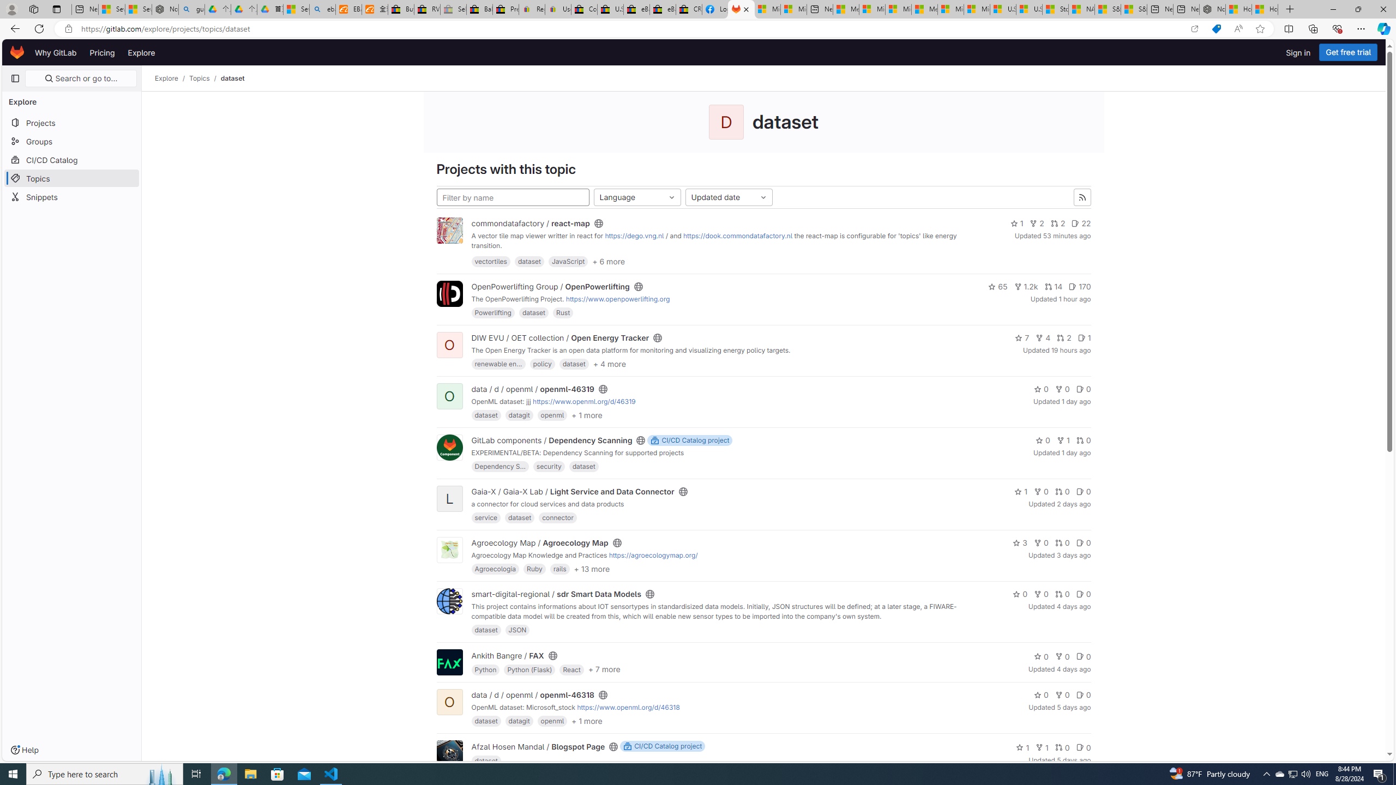 This screenshot has width=1396, height=785. Describe the element at coordinates (33, 9) in the screenshot. I see `'Workspaces'` at that location.